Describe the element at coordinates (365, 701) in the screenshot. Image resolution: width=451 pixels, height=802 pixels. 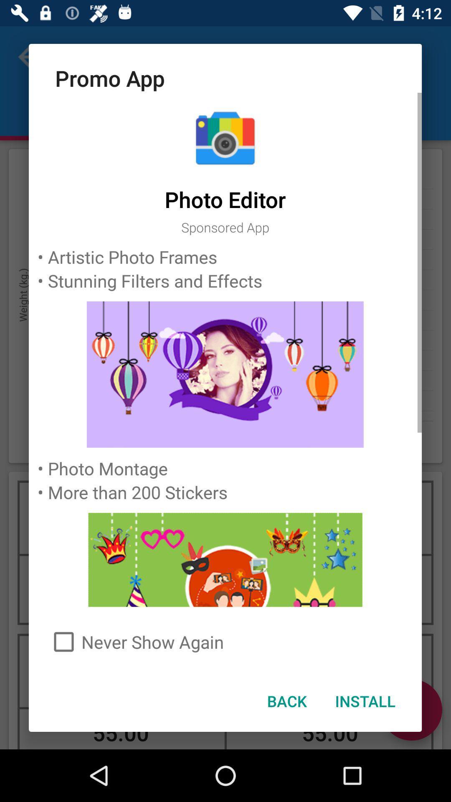
I see `the install item` at that location.